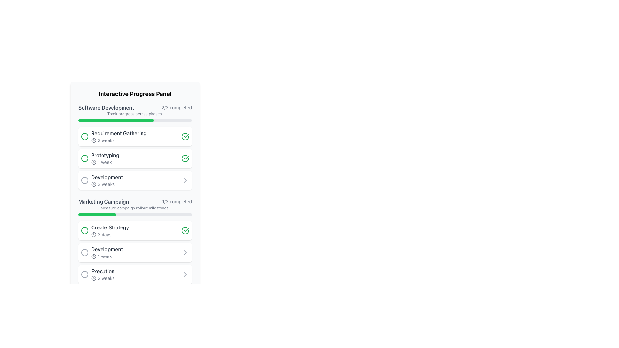 This screenshot has height=348, width=619. I want to click on the List Component displaying the phases of the software development process, so click(134, 159).